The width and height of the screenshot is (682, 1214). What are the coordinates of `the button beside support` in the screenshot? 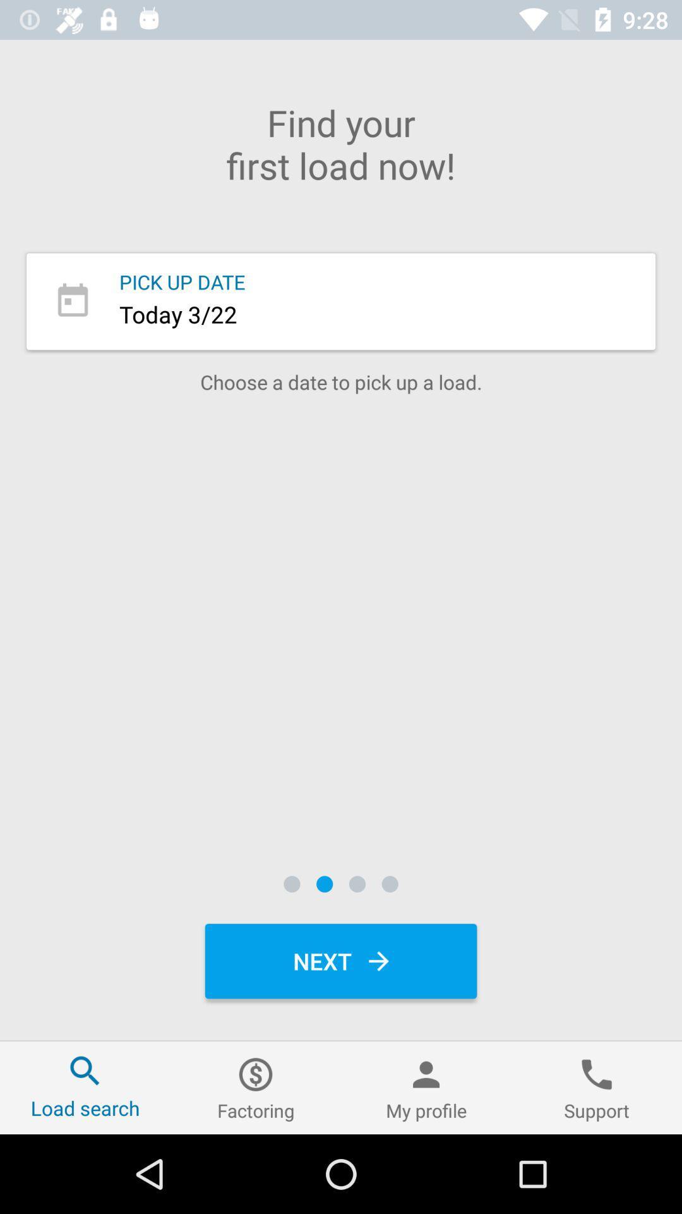 It's located at (426, 1087).